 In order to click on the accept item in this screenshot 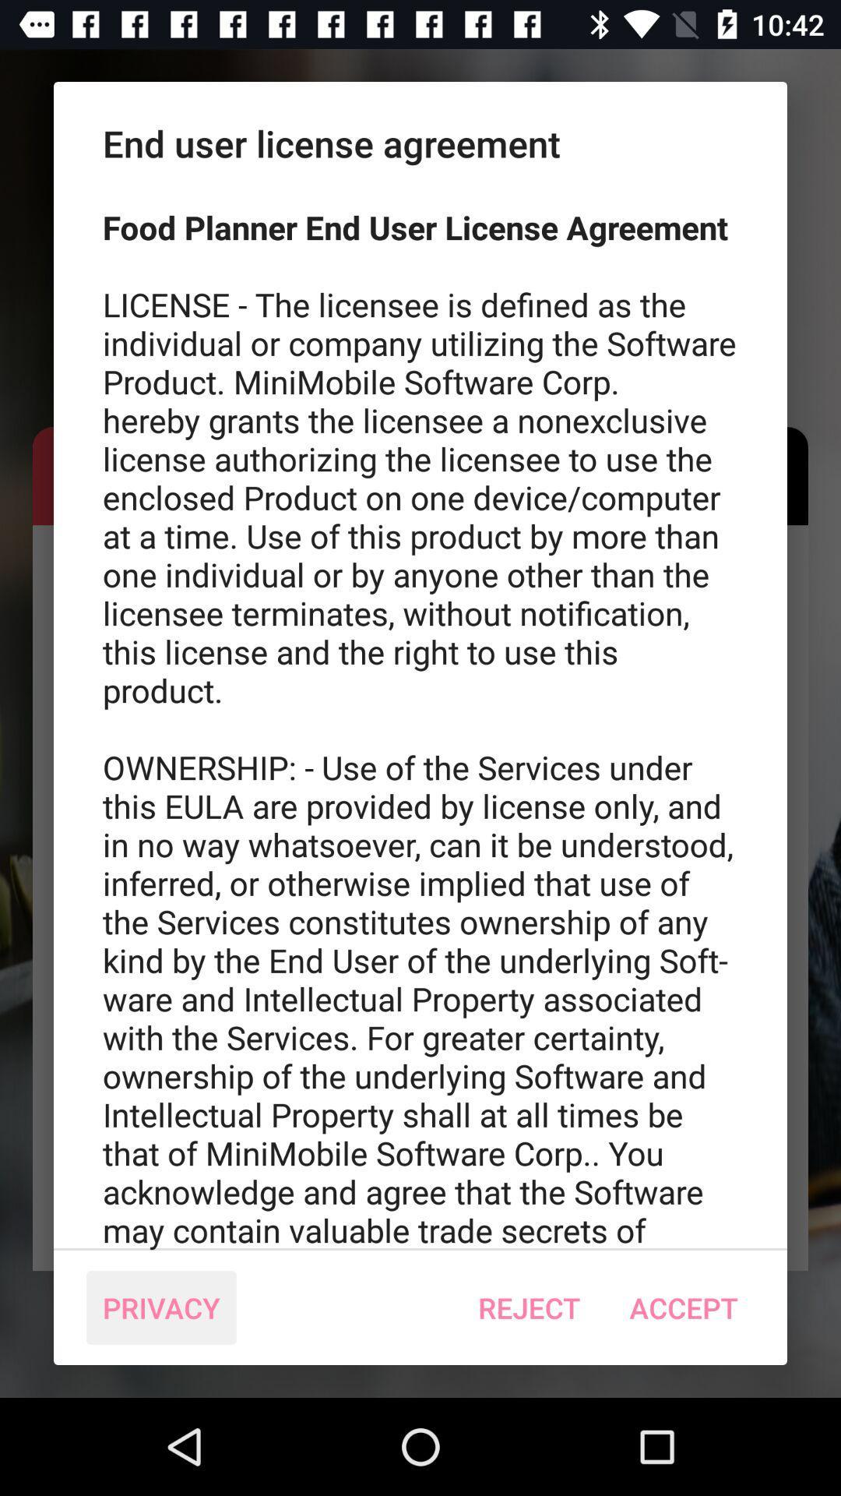, I will do `click(683, 1307)`.